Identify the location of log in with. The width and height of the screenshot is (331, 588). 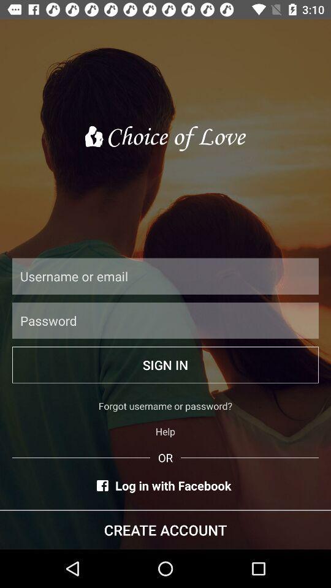
(165, 485).